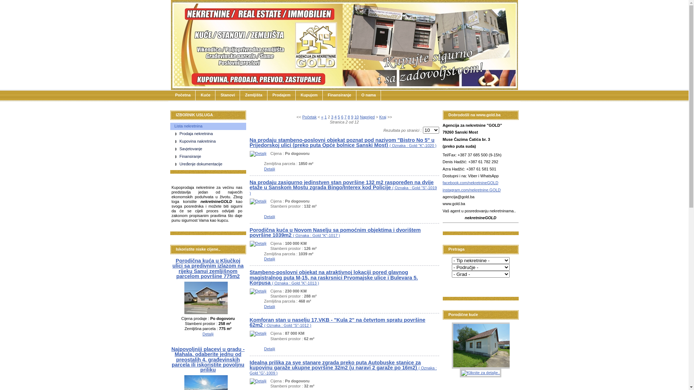  I want to click on '4', so click(335, 117).